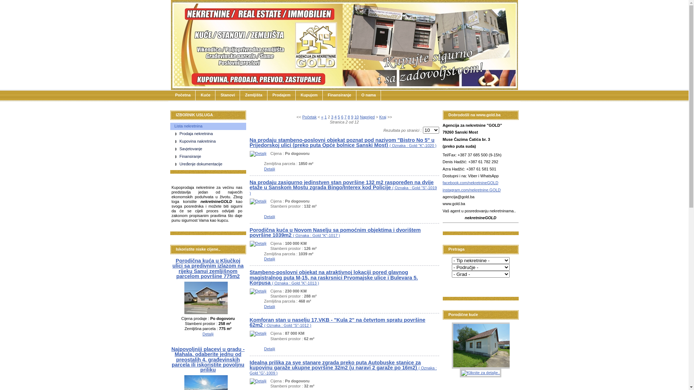  I want to click on '4', so click(335, 117).